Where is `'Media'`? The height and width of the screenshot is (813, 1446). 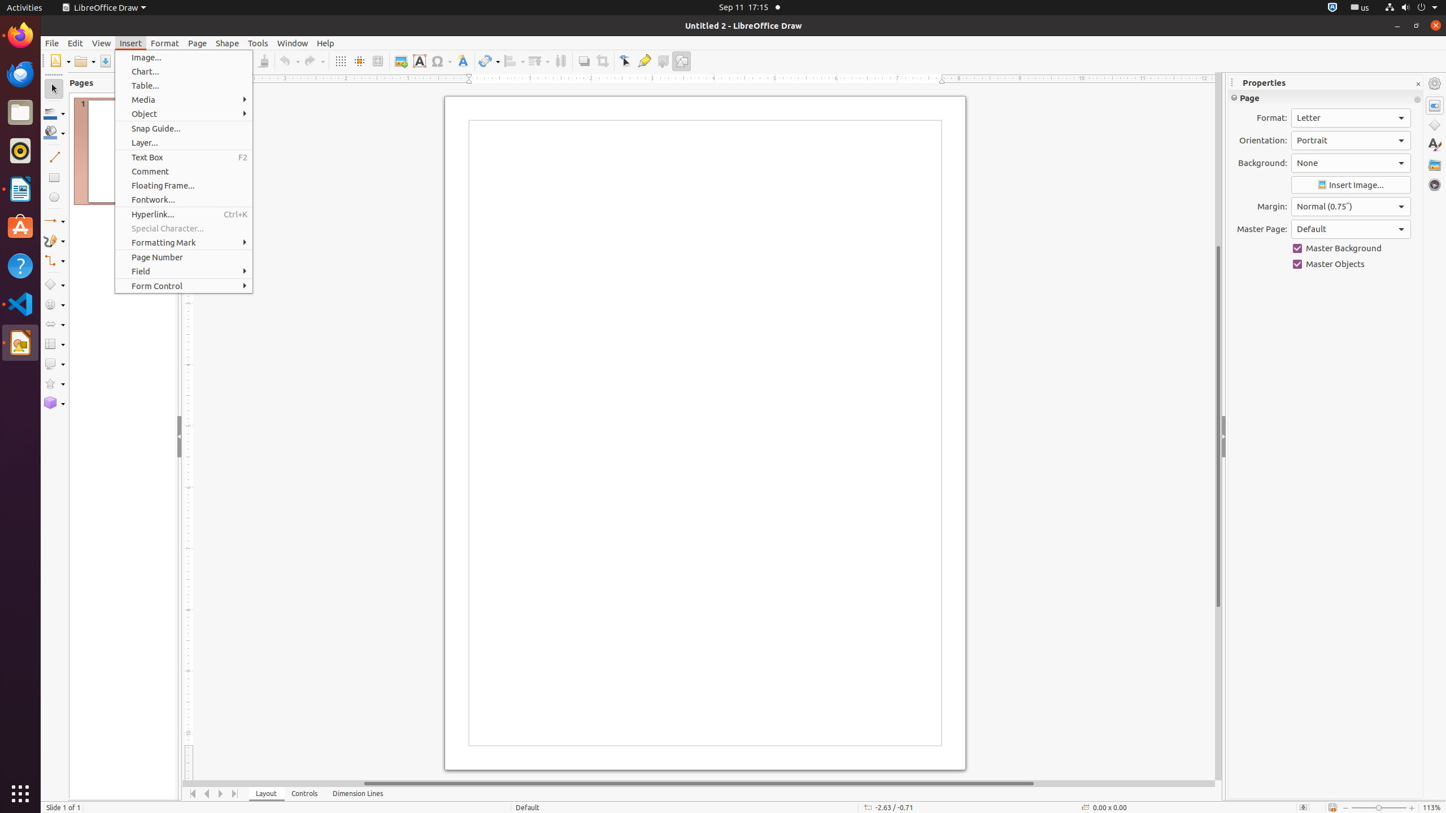 'Media' is located at coordinates (184, 99).